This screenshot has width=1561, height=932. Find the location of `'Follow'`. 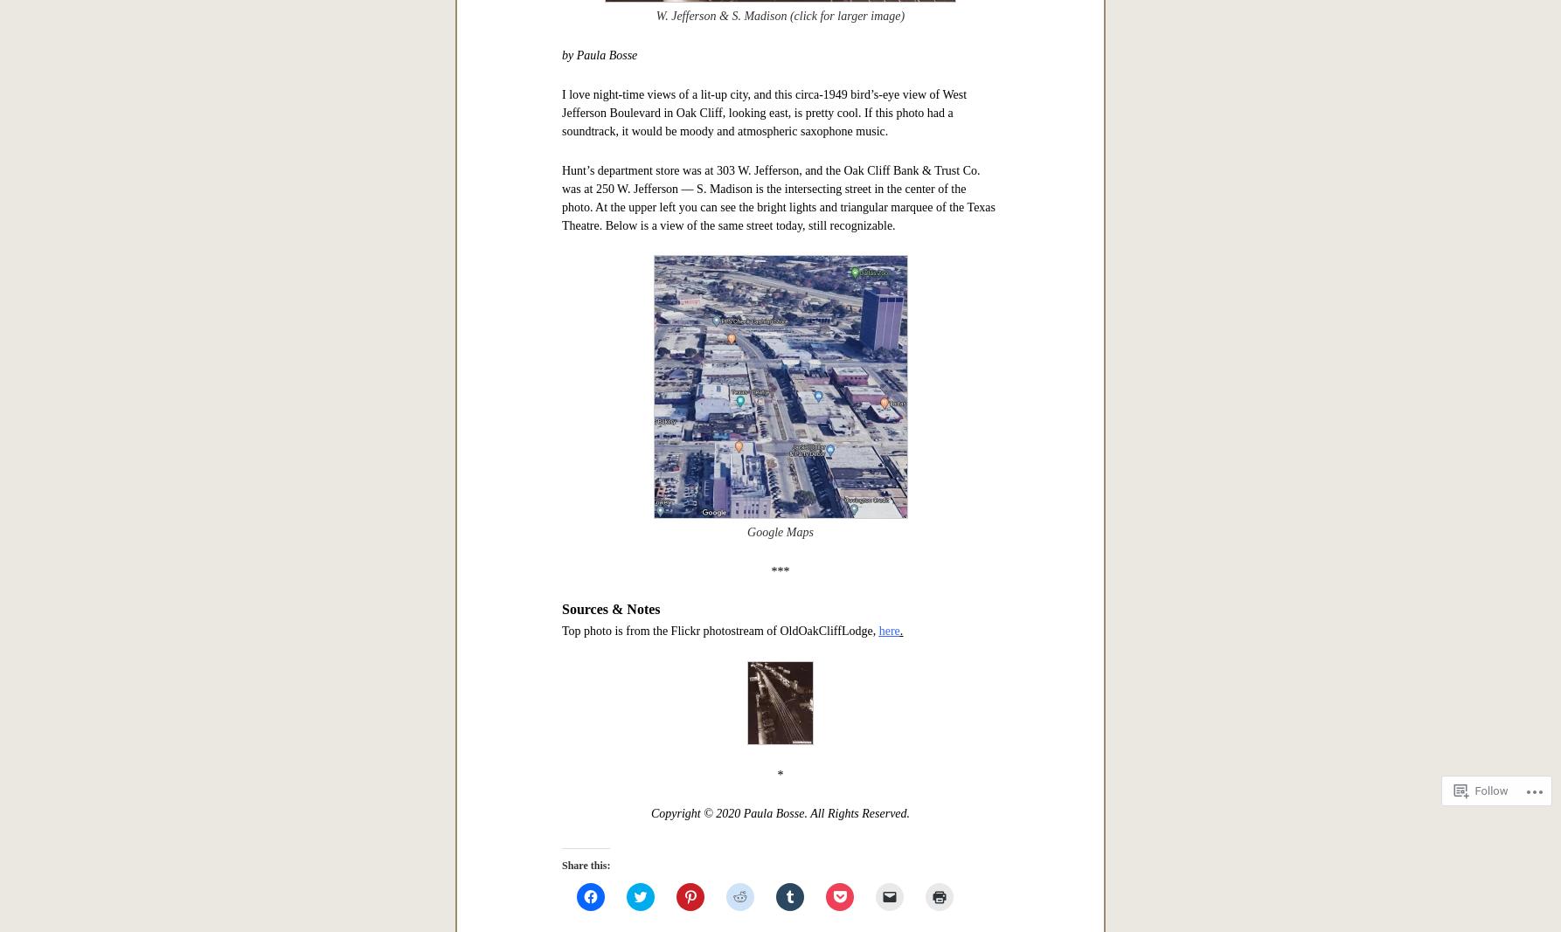

'Follow' is located at coordinates (1489, 790).